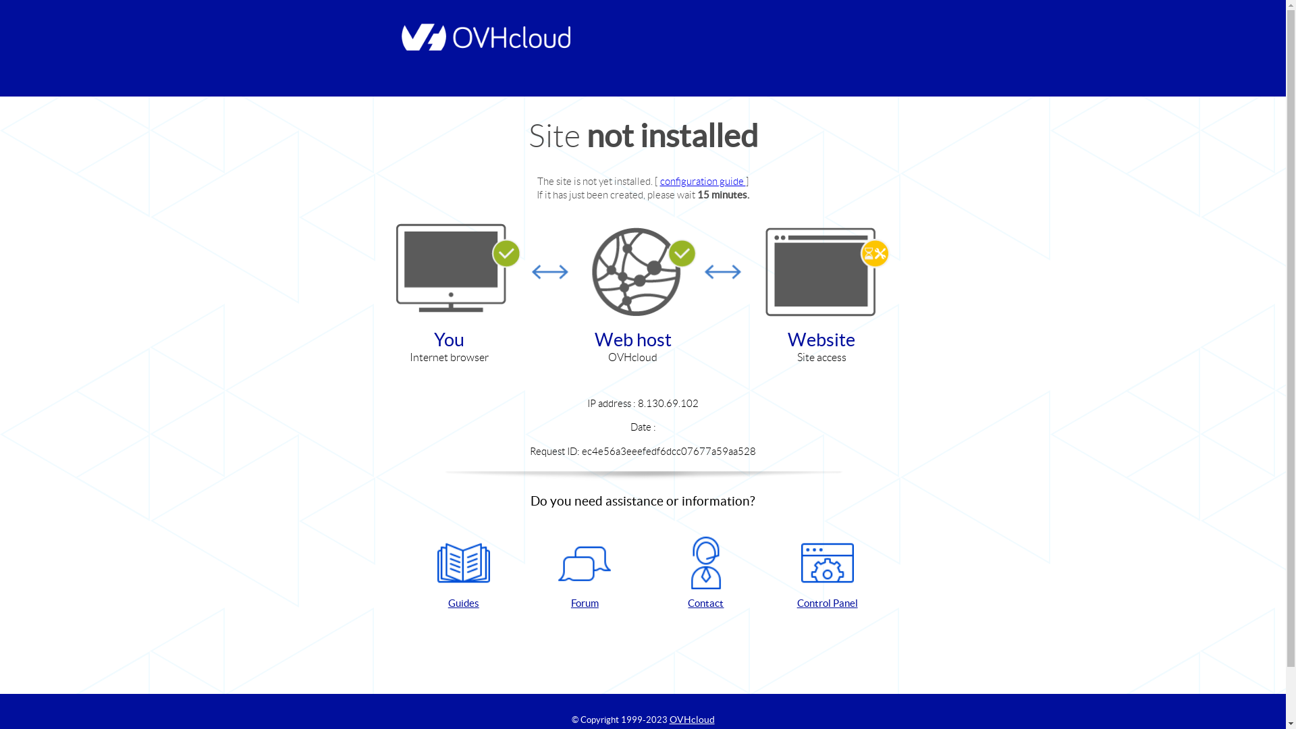 Image resolution: width=1296 pixels, height=729 pixels. I want to click on 'Forum', so click(529, 573).